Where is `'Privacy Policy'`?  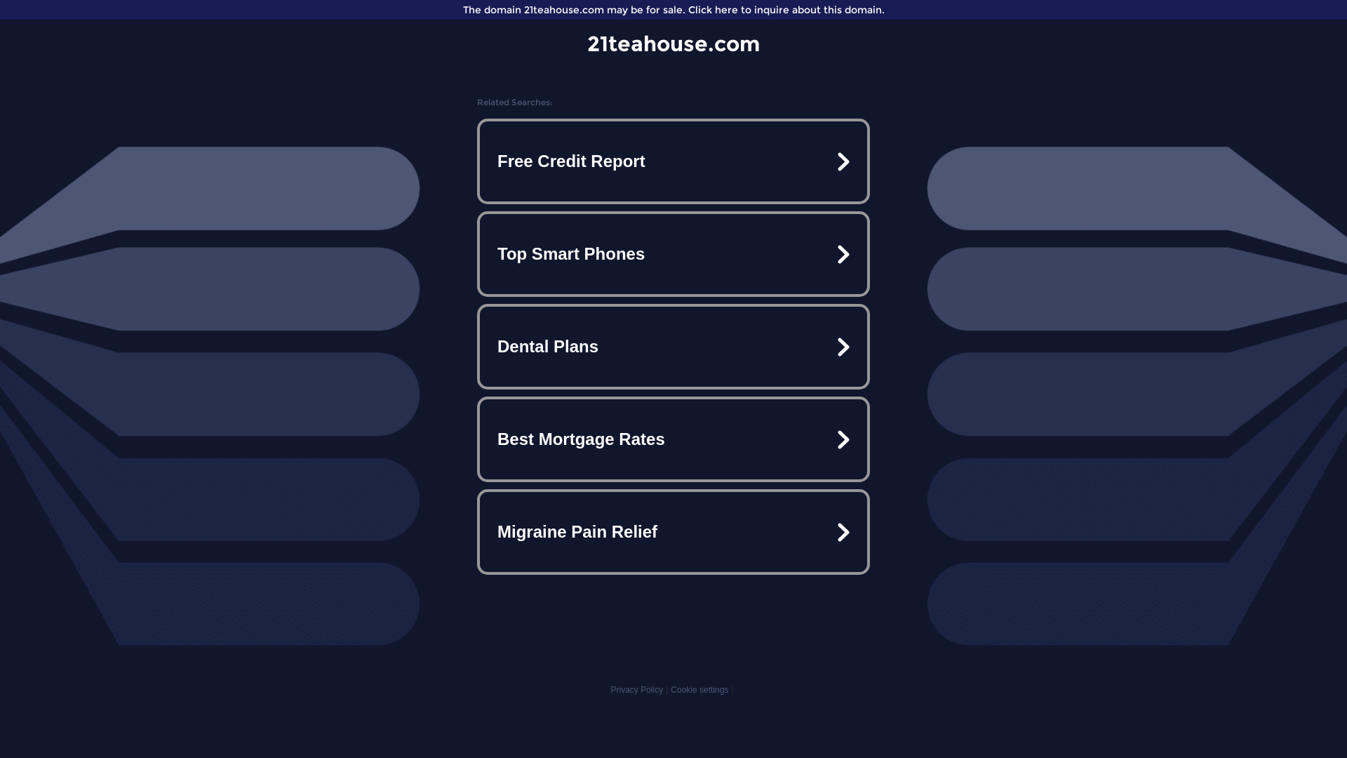
'Privacy Policy' is located at coordinates (636, 689).